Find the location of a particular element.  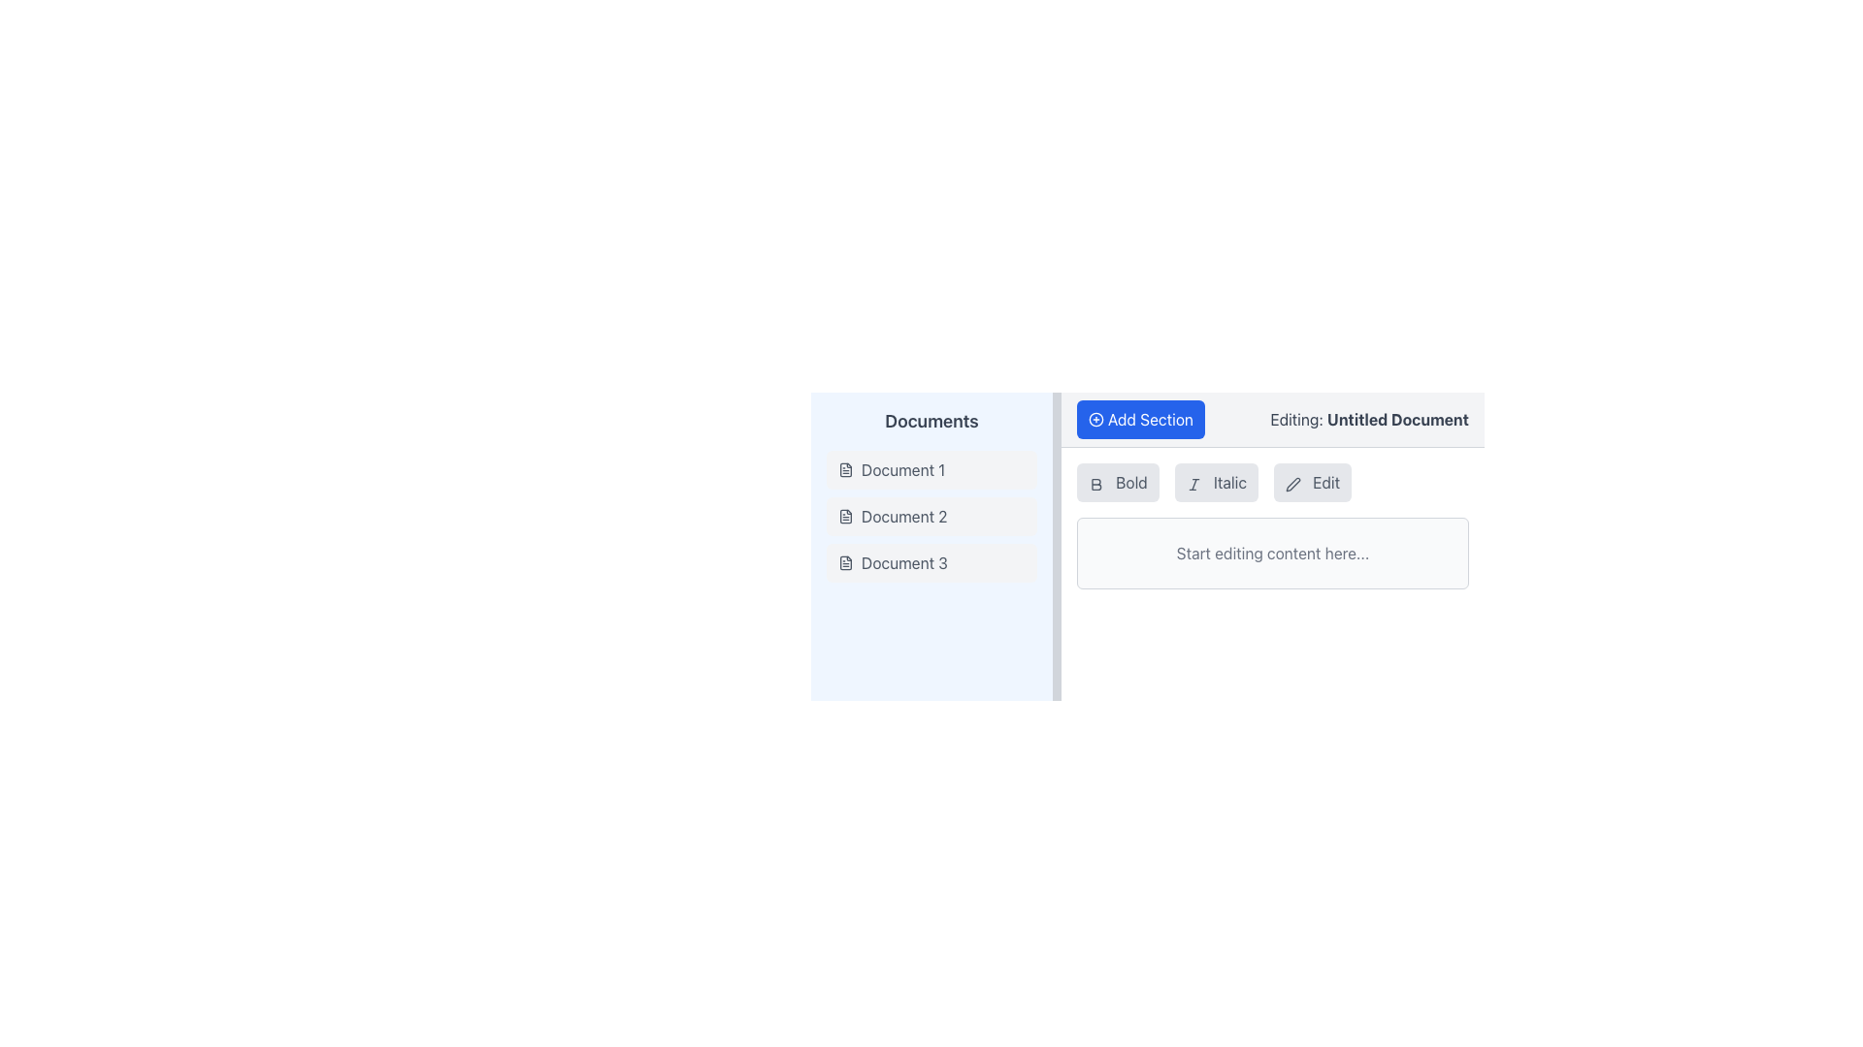

the document icon, which is a simplified image of a piece of paper with a folded corner, located in the first position of a vertical list adjacent to 'Document 1' is located at coordinates (846, 470).